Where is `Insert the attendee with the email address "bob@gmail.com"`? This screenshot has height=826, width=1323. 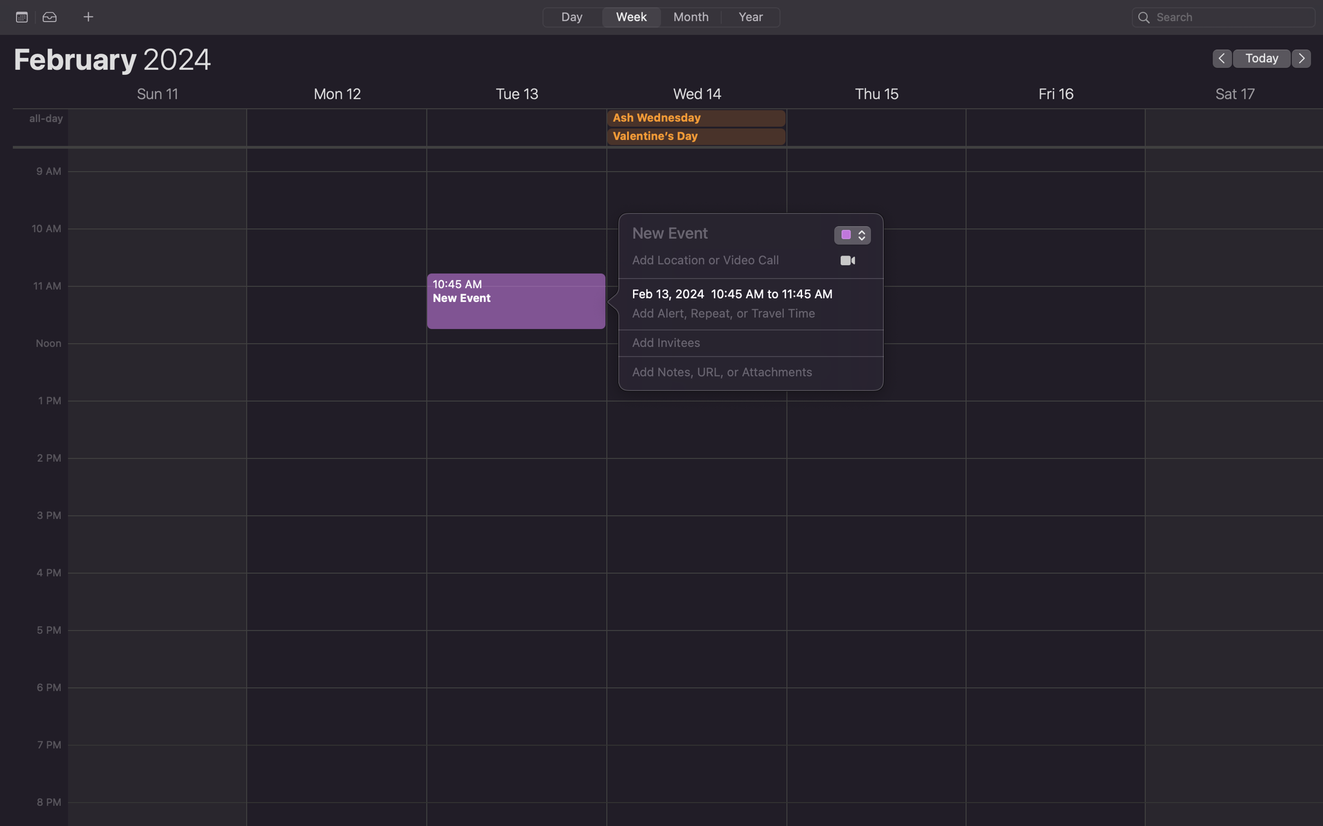
Insert the attendee with the email address "bob@gmail.com" is located at coordinates (739, 343).